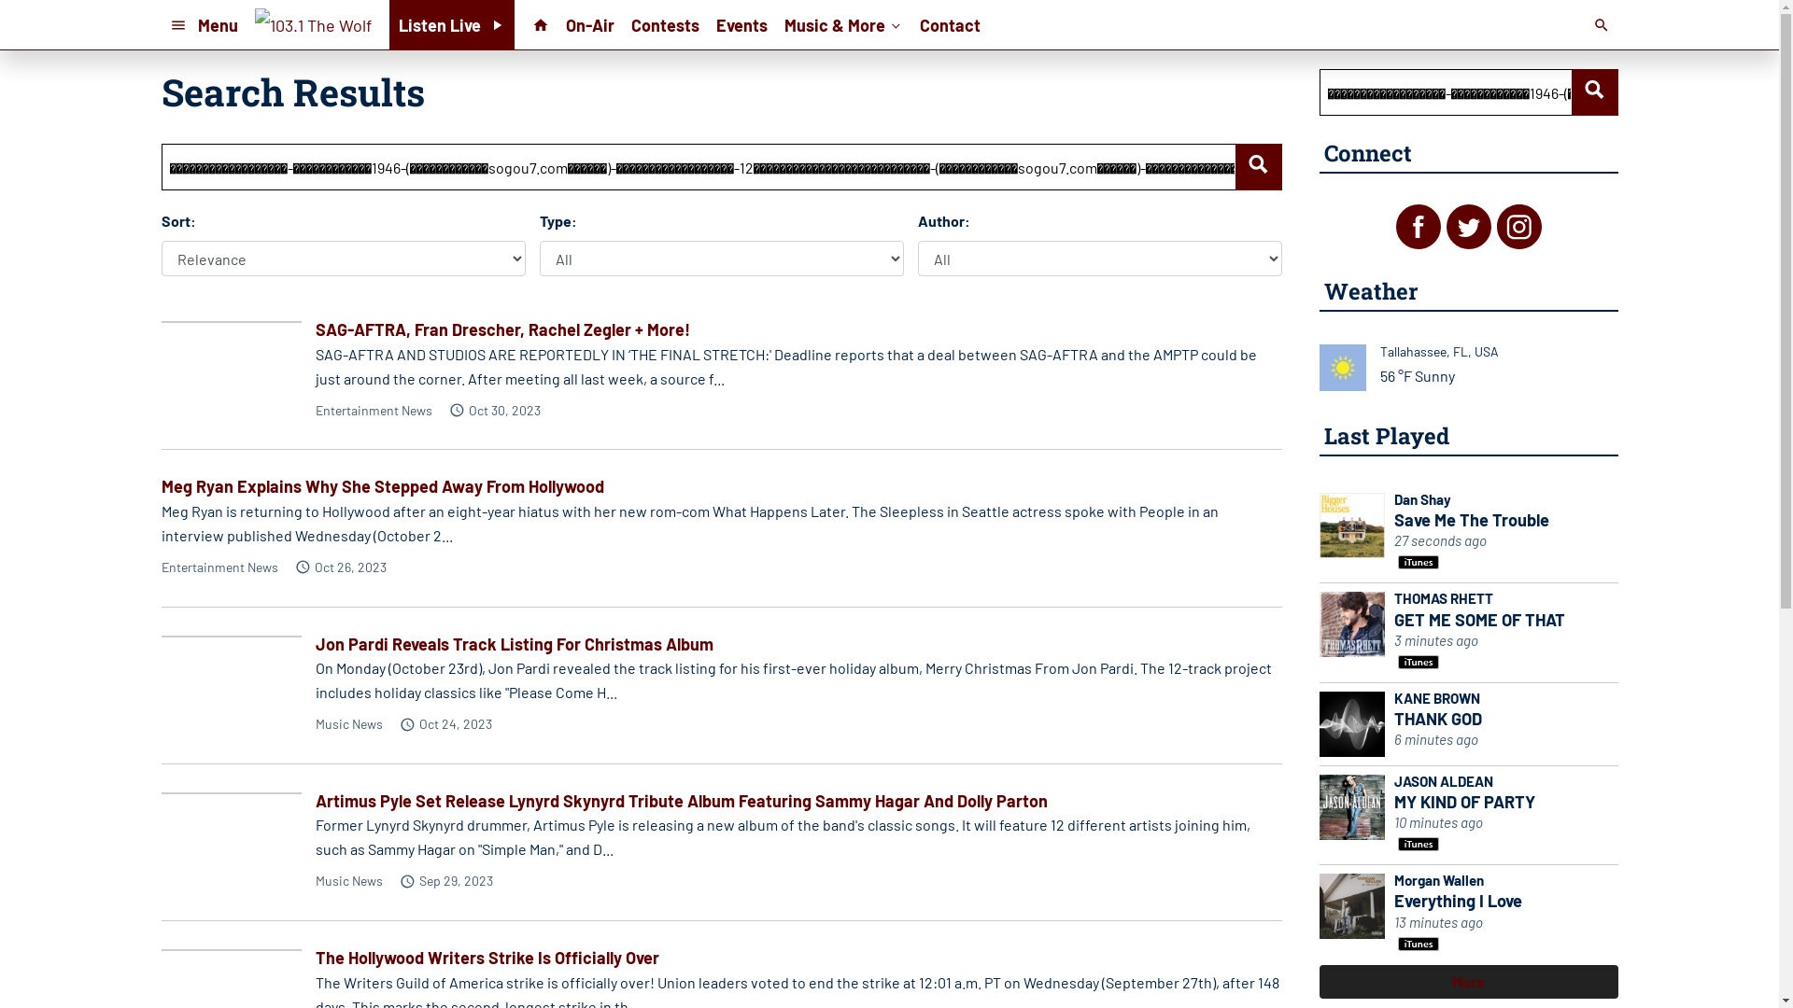 The height and width of the screenshot is (1008, 1793). Describe the element at coordinates (950, 24) in the screenshot. I see `'Contact'` at that location.